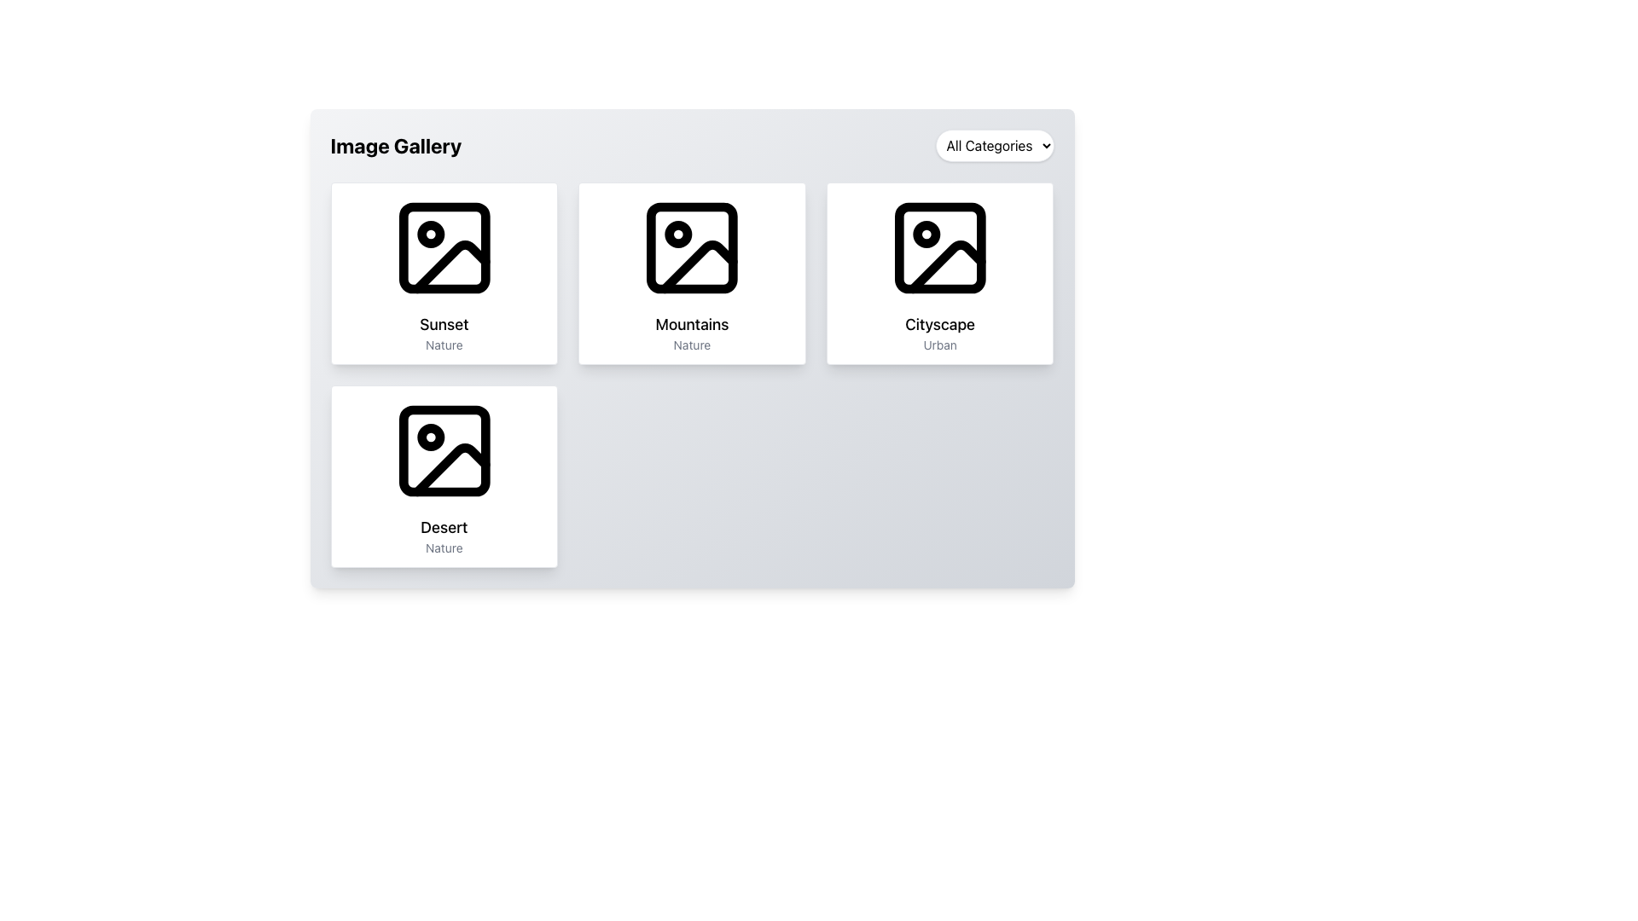 This screenshot has width=1638, height=921. I want to click on the text label reading 'Sunset' which is in bold font and located below an image icon in the first item of the grid, so click(444, 325).